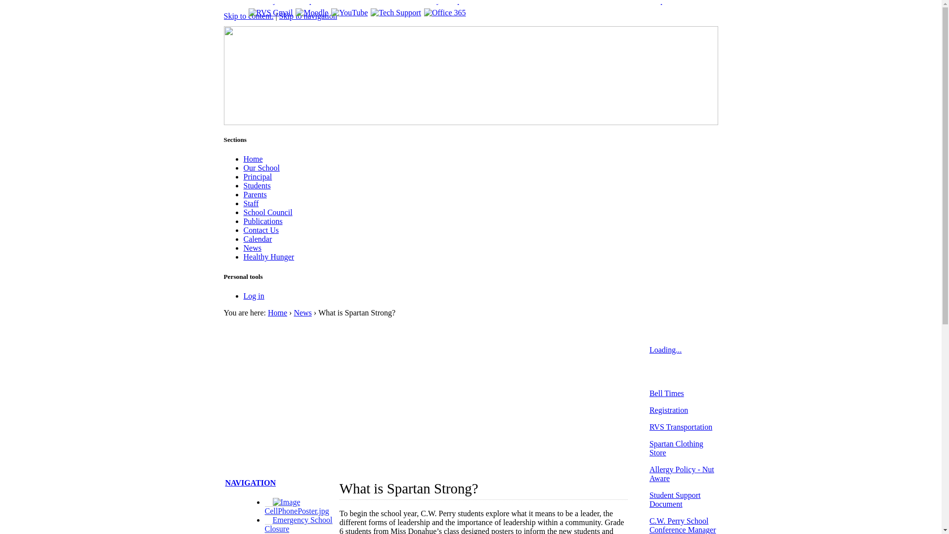 Image resolution: width=949 pixels, height=534 pixels. Describe the element at coordinates (253, 158) in the screenshot. I see `'Home'` at that location.